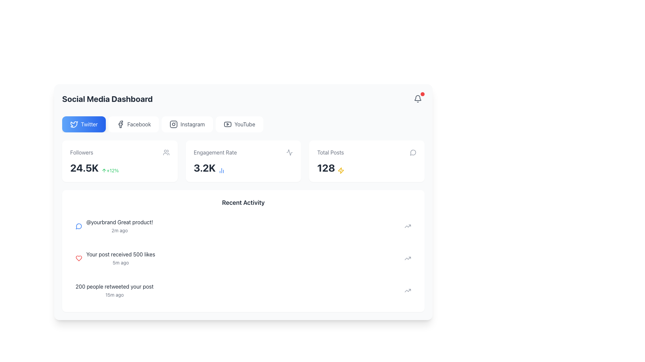 The height and width of the screenshot is (362, 645). Describe the element at coordinates (407, 226) in the screenshot. I see `the small, upward-trending gray arrow icon located at the far right of the comment item containing '@yourbrand Great product!' and '2m ago' for related interaction` at that location.